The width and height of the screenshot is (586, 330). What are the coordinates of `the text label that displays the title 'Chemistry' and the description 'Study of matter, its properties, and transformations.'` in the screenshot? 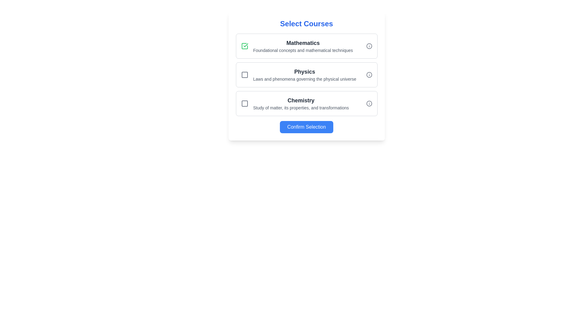 It's located at (301, 103).